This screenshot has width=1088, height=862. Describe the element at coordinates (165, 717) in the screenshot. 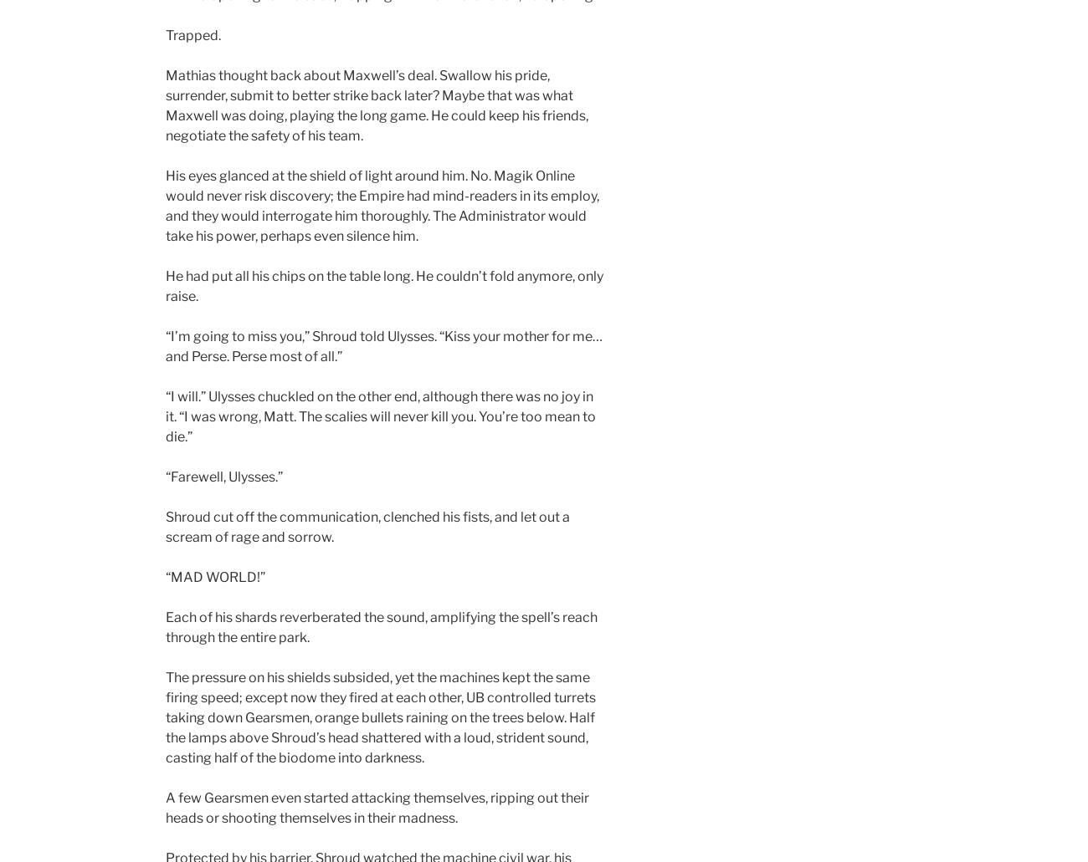

I see `'The pressure on his shields subsided, yet the machines kept the same firing speed; except now they fired at each other, UB controlled turrets taking down Gearsmen, orange bullets raining on the trees below. Half the lamps above Shroud’s head shattered with a loud, strident sound, casting half of the biodome into darkness.'` at that location.